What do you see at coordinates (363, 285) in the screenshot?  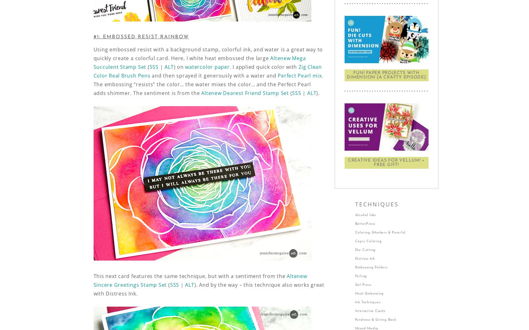 I see `'Gel Press'` at bounding box center [363, 285].